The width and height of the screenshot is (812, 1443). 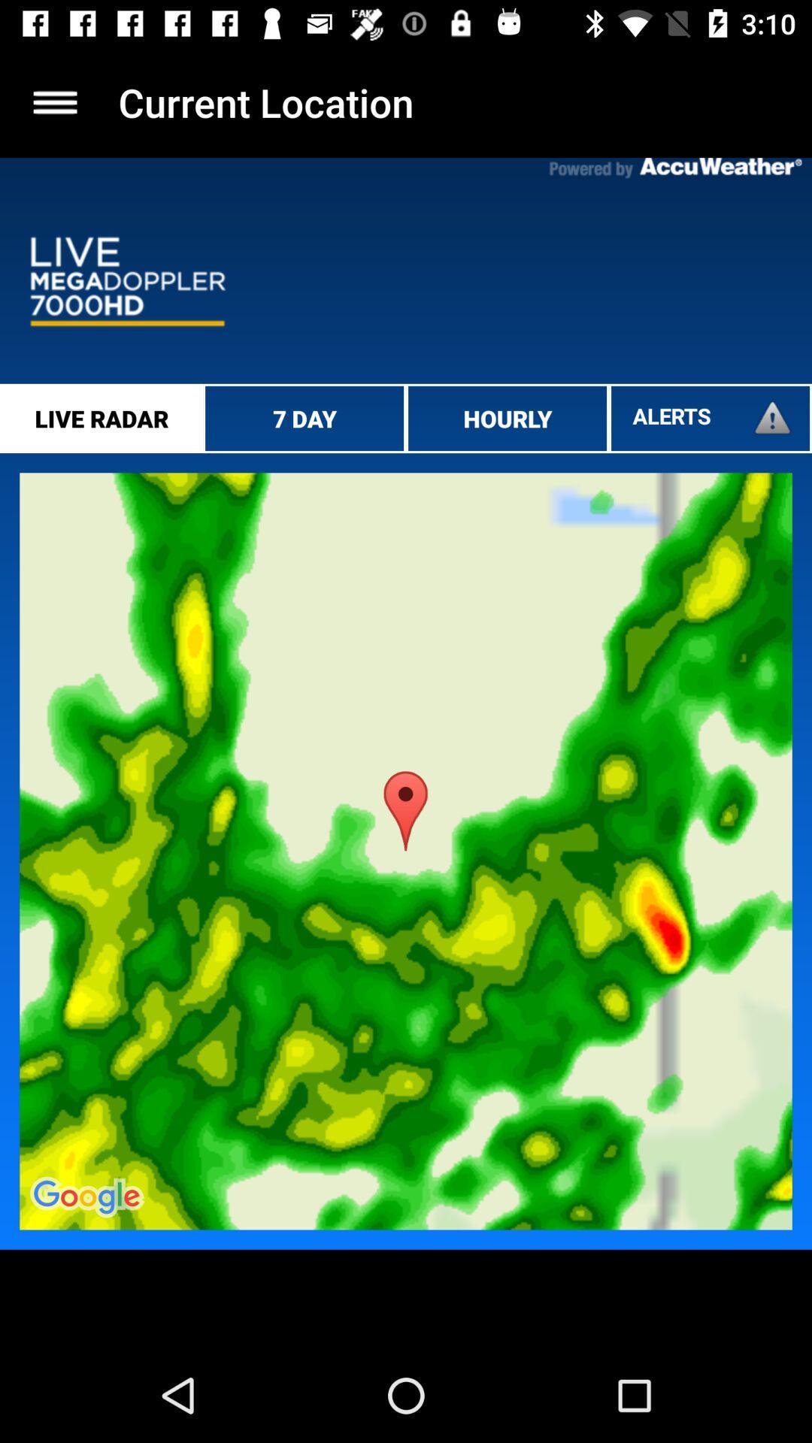 What do you see at coordinates (54, 101) in the screenshot?
I see `the menu icon` at bounding box center [54, 101].